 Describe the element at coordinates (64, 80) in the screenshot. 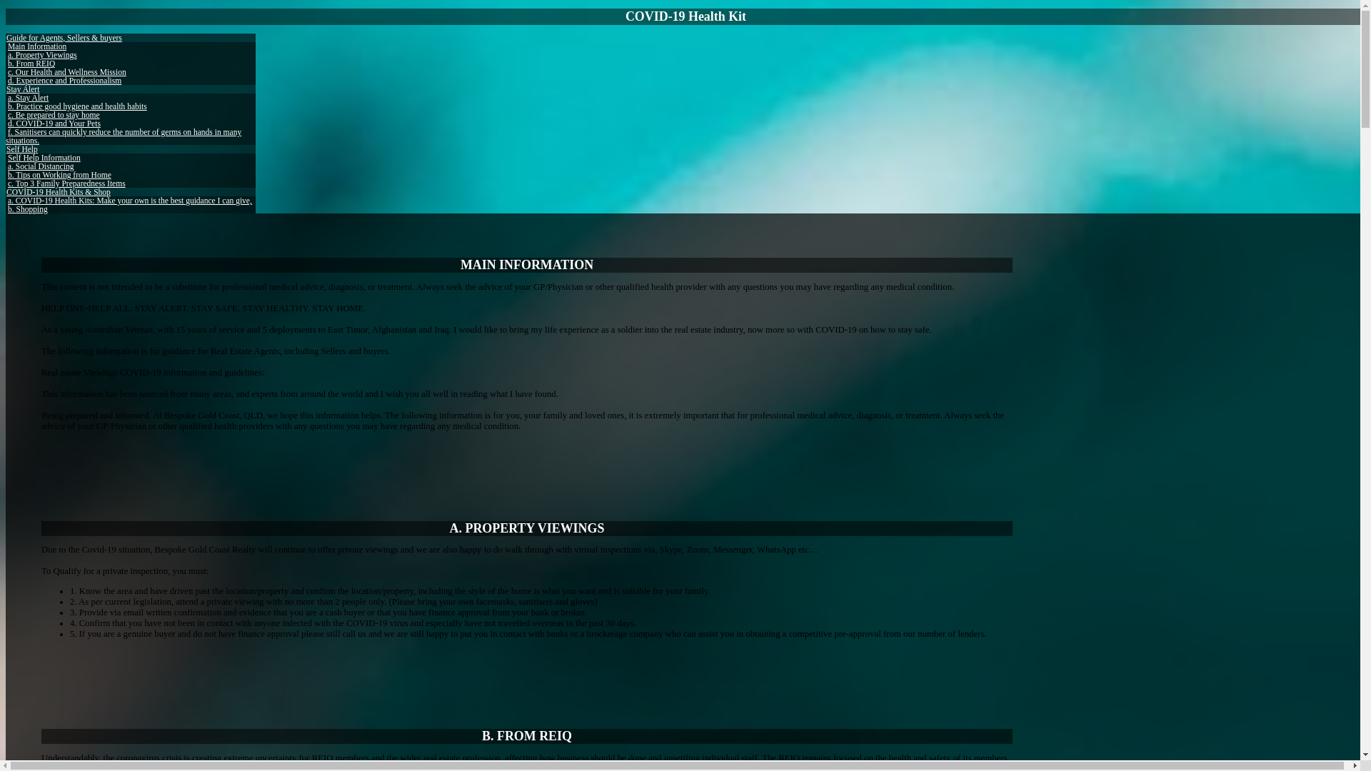

I see `'d. Experience and Professionalism'` at that location.